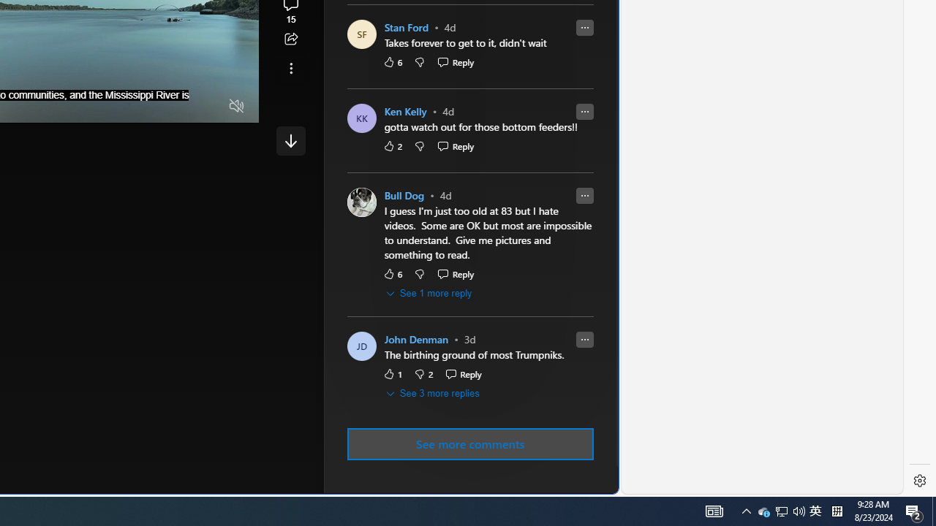  What do you see at coordinates (404, 195) in the screenshot?
I see `'Bull Dog'` at bounding box center [404, 195].